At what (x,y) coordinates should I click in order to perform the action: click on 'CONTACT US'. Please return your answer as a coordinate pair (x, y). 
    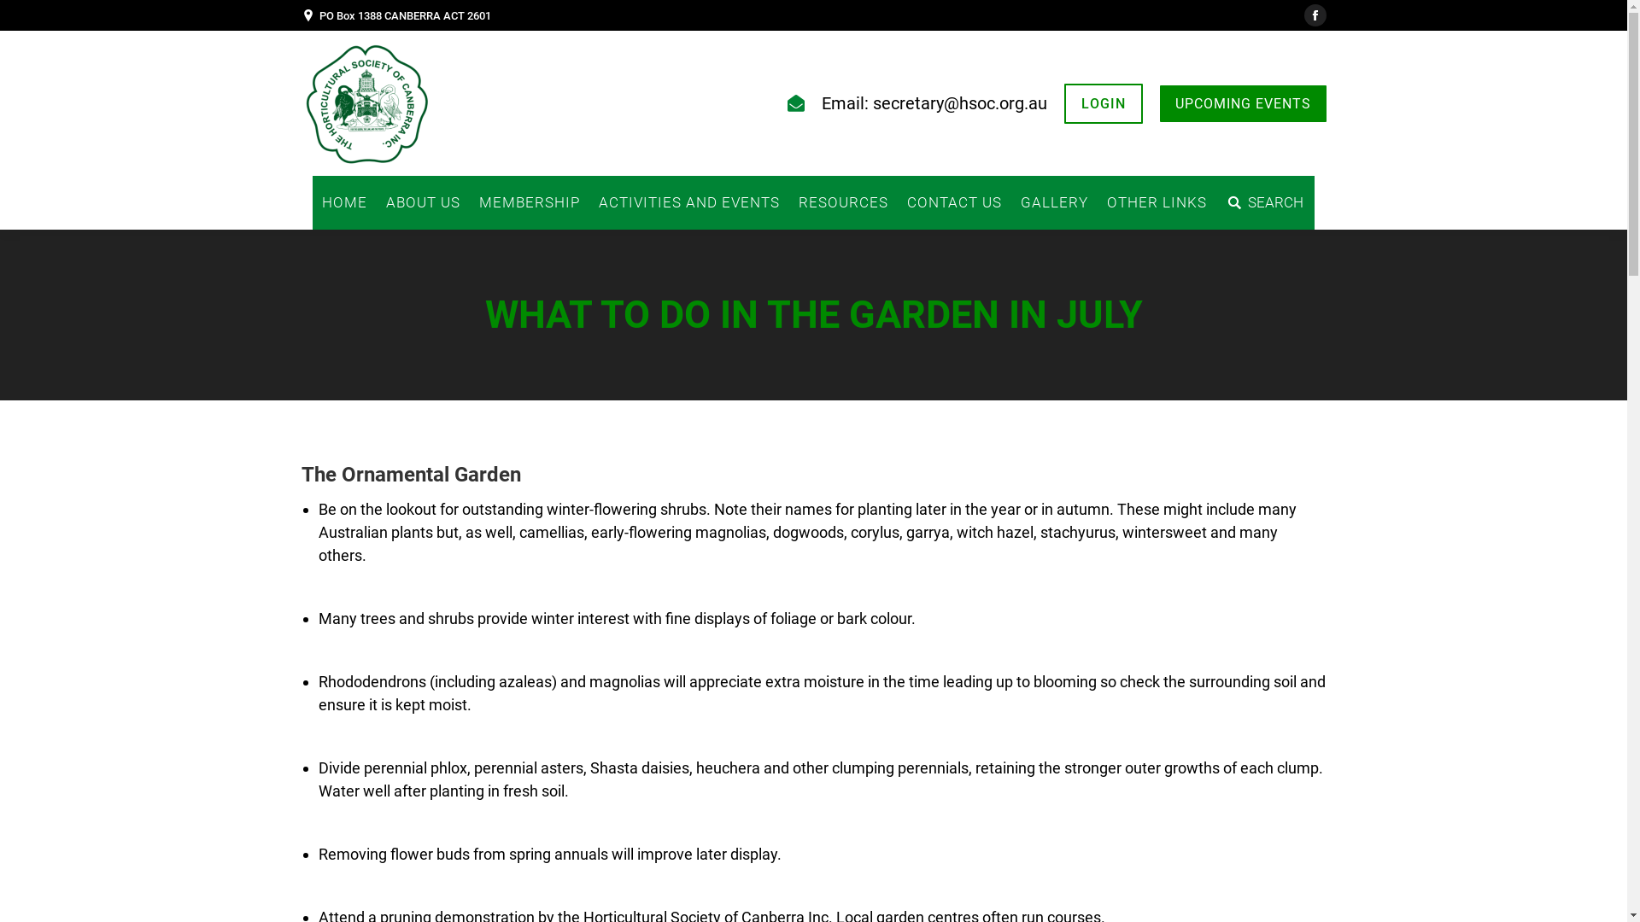
    Looking at the image, I should click on (897, 201).